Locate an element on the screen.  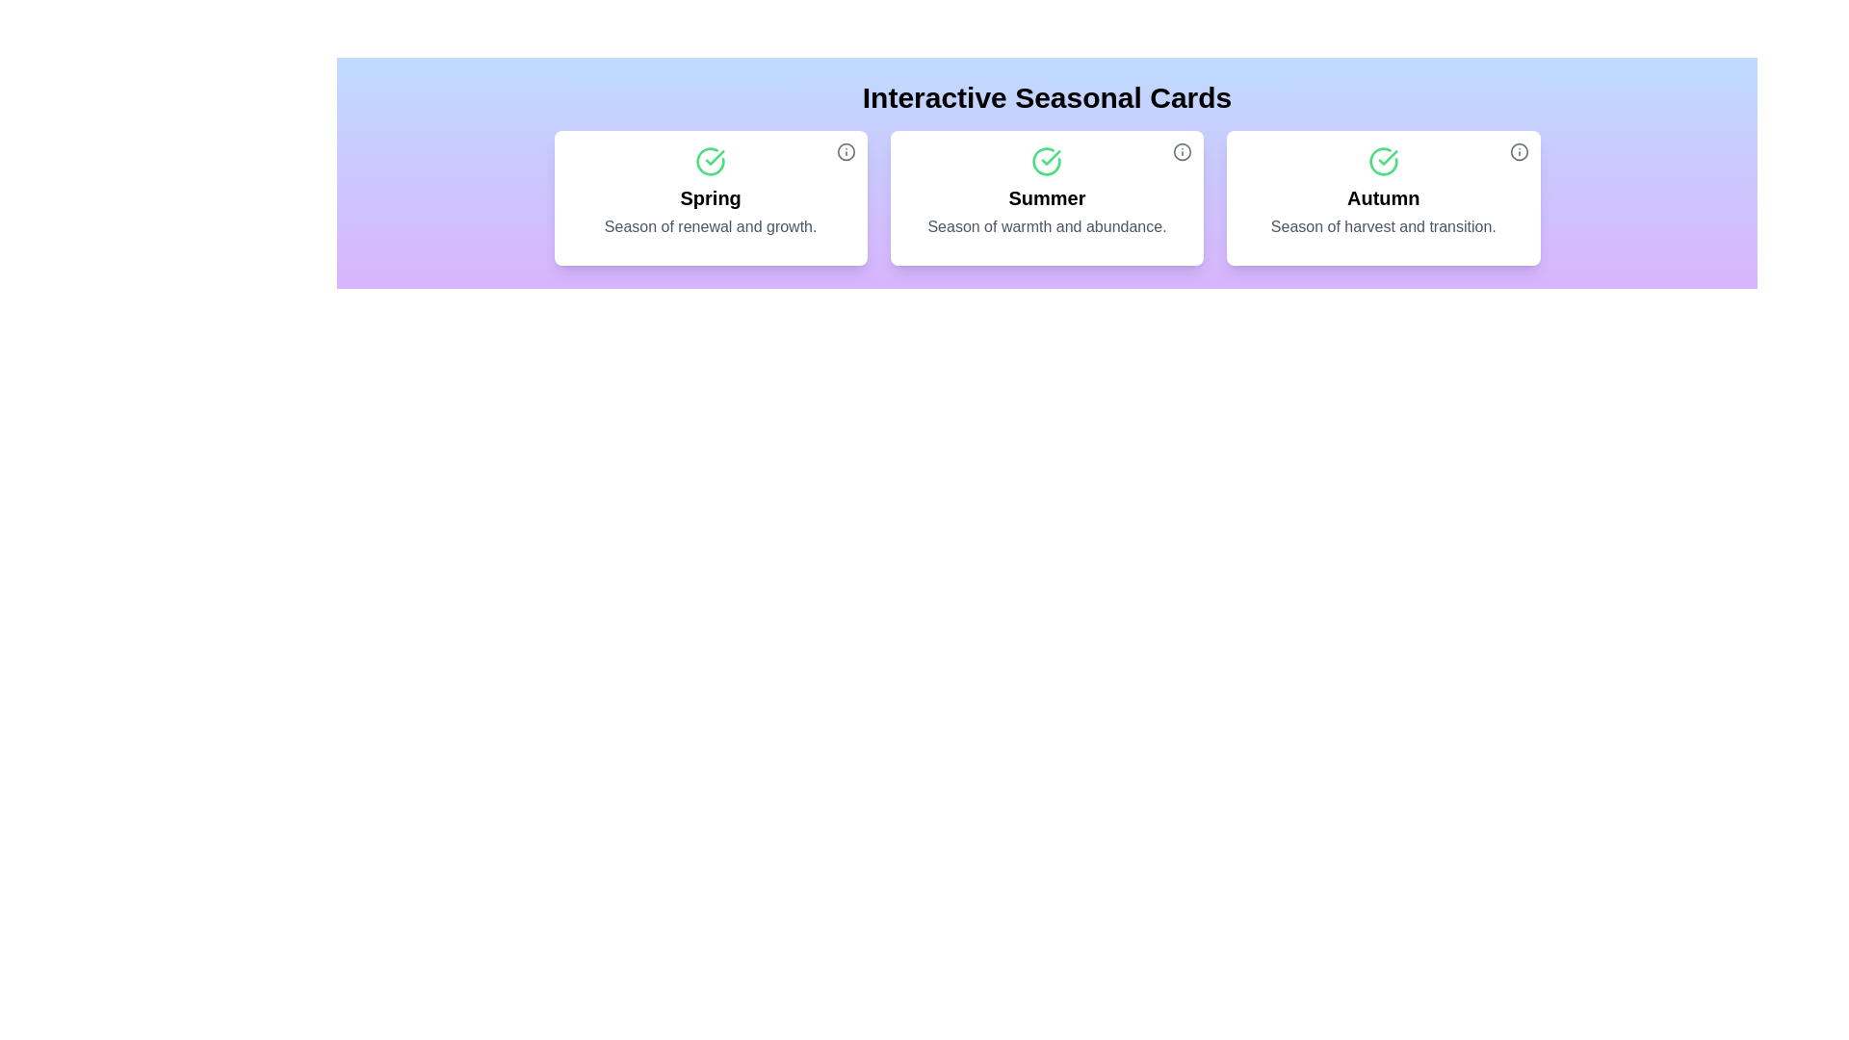
the text element displaying 'Season of warmth and abundance' located below the 'Summer' title in the center card of the horizontal trio of cards is located at coordinates (1046, 225).